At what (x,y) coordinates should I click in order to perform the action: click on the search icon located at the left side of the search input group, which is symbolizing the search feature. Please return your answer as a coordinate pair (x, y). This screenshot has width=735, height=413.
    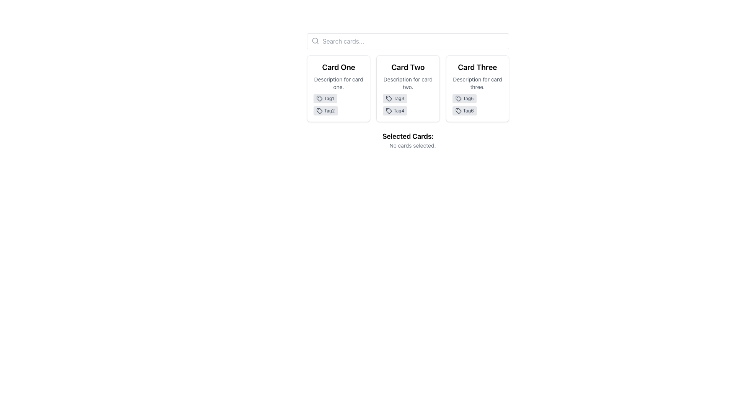
    Looking at the image, I should click on (315, 41).